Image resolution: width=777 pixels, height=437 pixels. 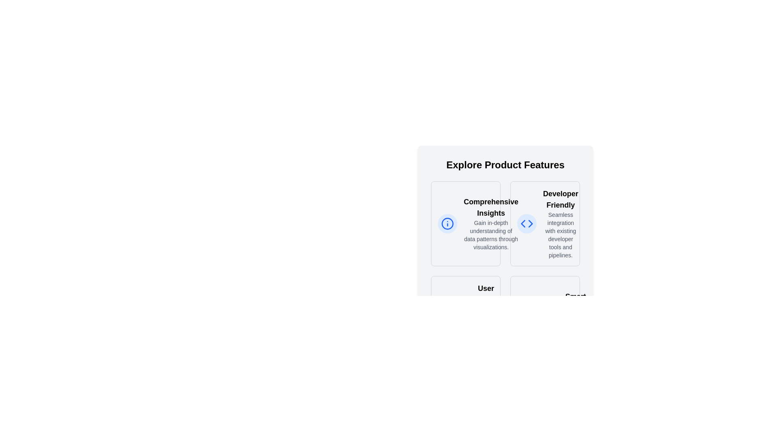 What do you see at coordinates (560, 199) in the screenshot?
I see `the title text within the 'Developer Friendly' tile, which serves as a heading for the feature` at bounding box center [560, 199].